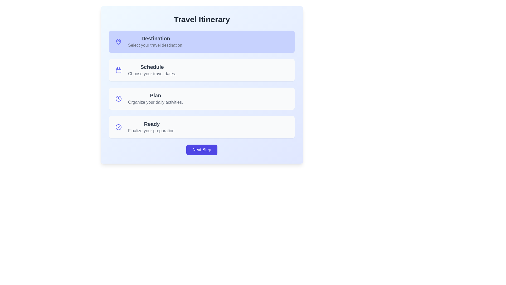  Describe the element at coordinates (118, 99) in the screenshot. I see `the planning or scheduling icon located in the second card from the top, positioned to the left of the 'Plan' text block` at that location.